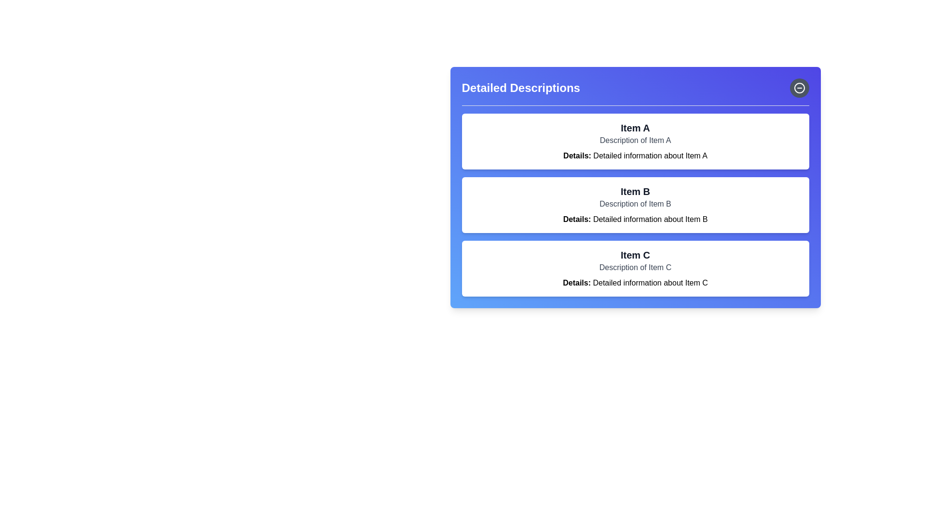 The width and height of the screenshot is (926, 520). Describe the element at coordinates (799, 88) in the screenshot. I see `the gray 'minus' icon located at the top-right corner of the blue header panel` at that location.